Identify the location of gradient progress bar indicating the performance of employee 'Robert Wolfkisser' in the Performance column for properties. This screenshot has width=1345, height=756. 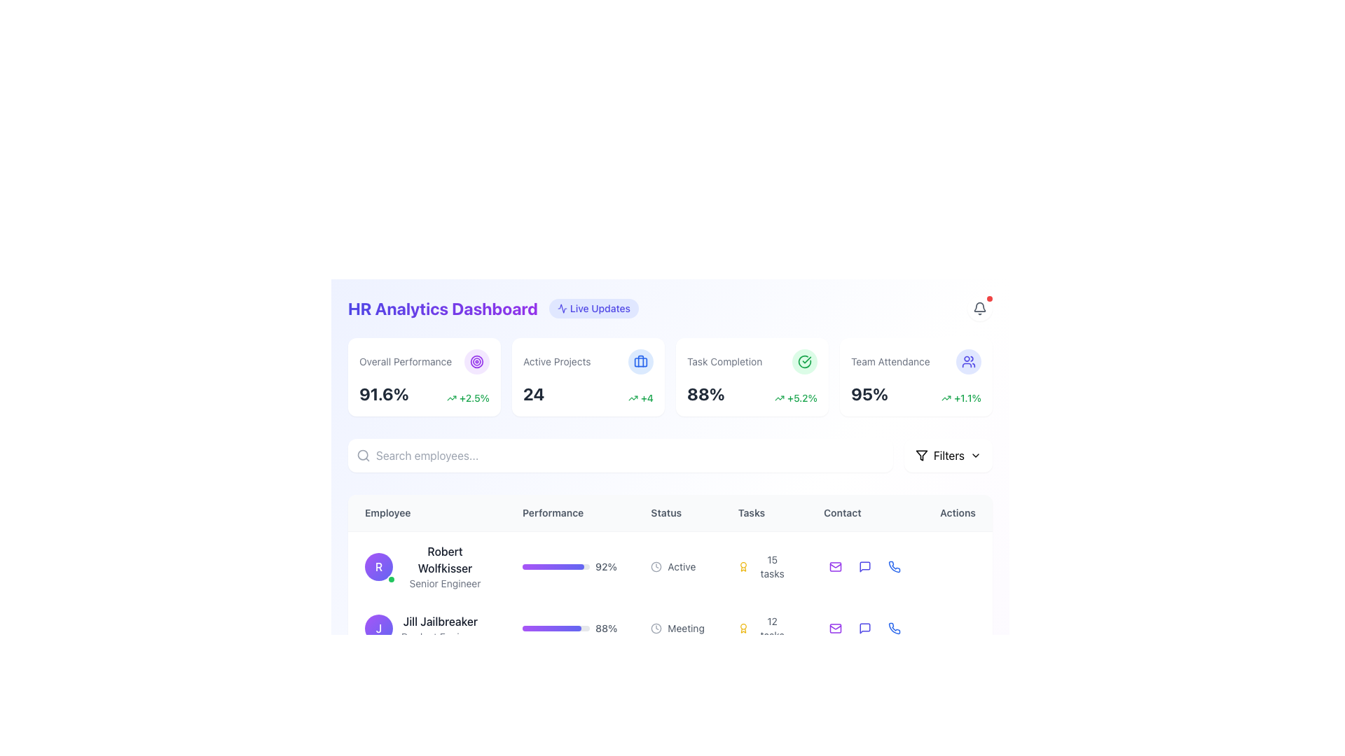
(553, 567).